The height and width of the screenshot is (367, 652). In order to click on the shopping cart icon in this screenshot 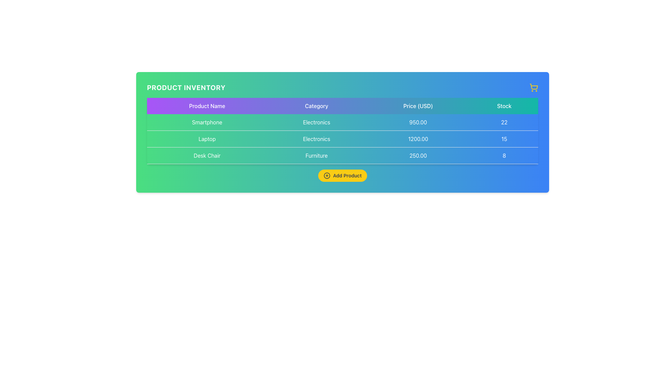, I will do `click(533, 87)`.